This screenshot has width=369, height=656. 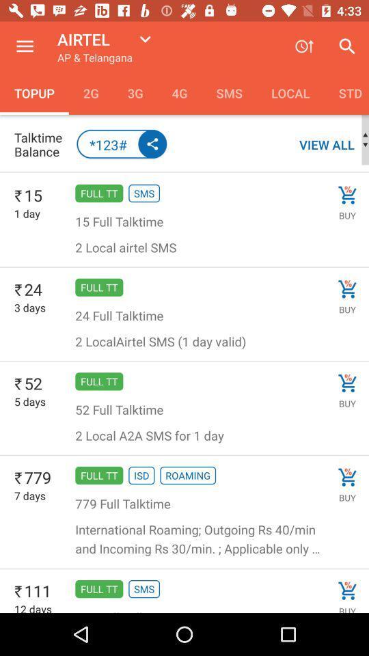 What do you see at coordinates (91, 92) in the screenshot?
I see `the icon next to the topup item` at bounding box center [91, 92].